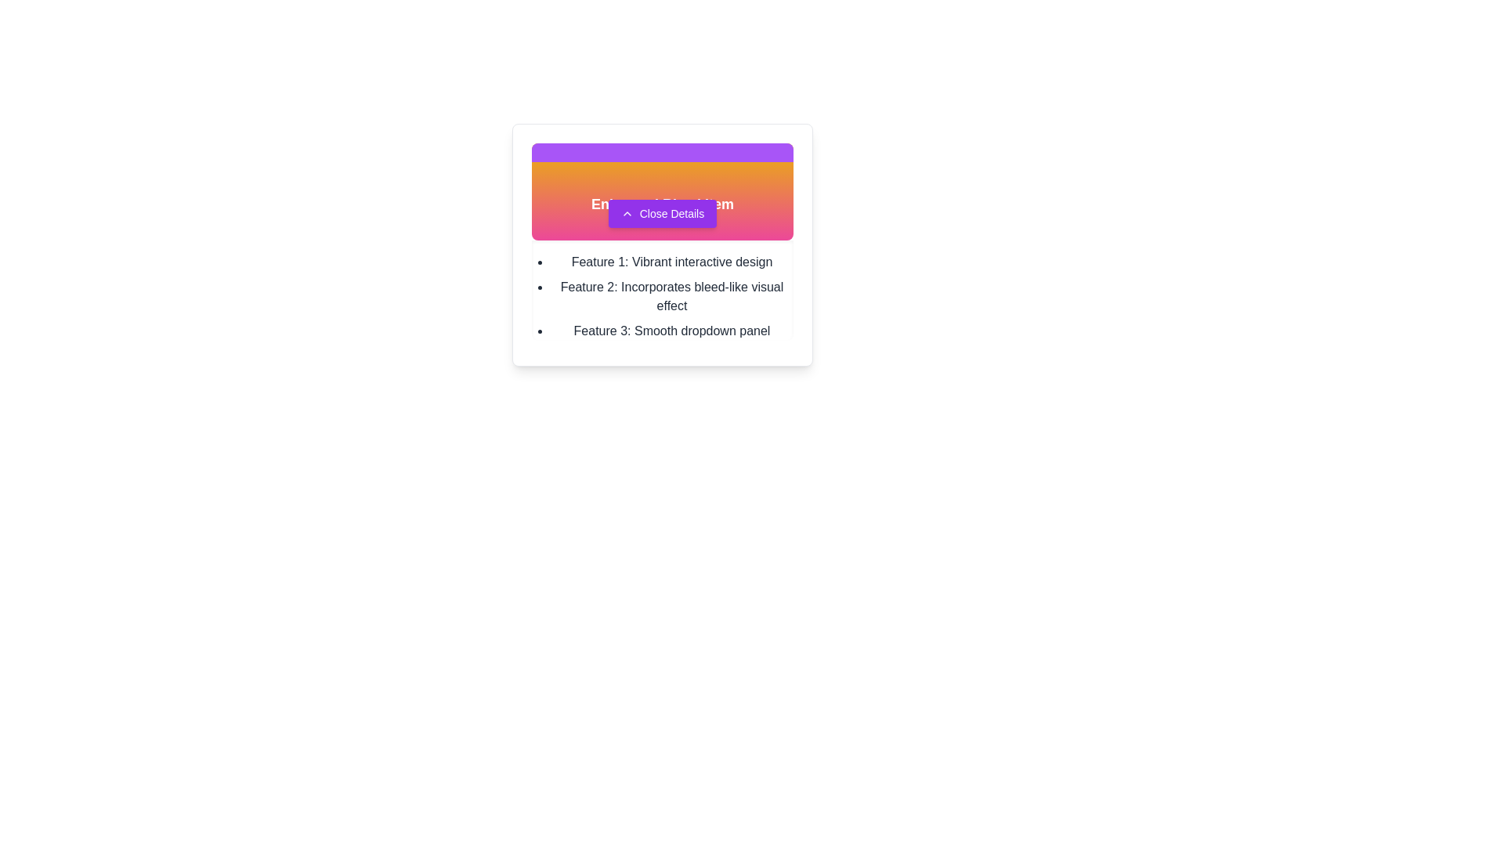 This screenshot has height=846, width=1504. What do you see at coordinates (672, 296) in the screenshot?
I see `the second item` at bounding box center [672, 296].